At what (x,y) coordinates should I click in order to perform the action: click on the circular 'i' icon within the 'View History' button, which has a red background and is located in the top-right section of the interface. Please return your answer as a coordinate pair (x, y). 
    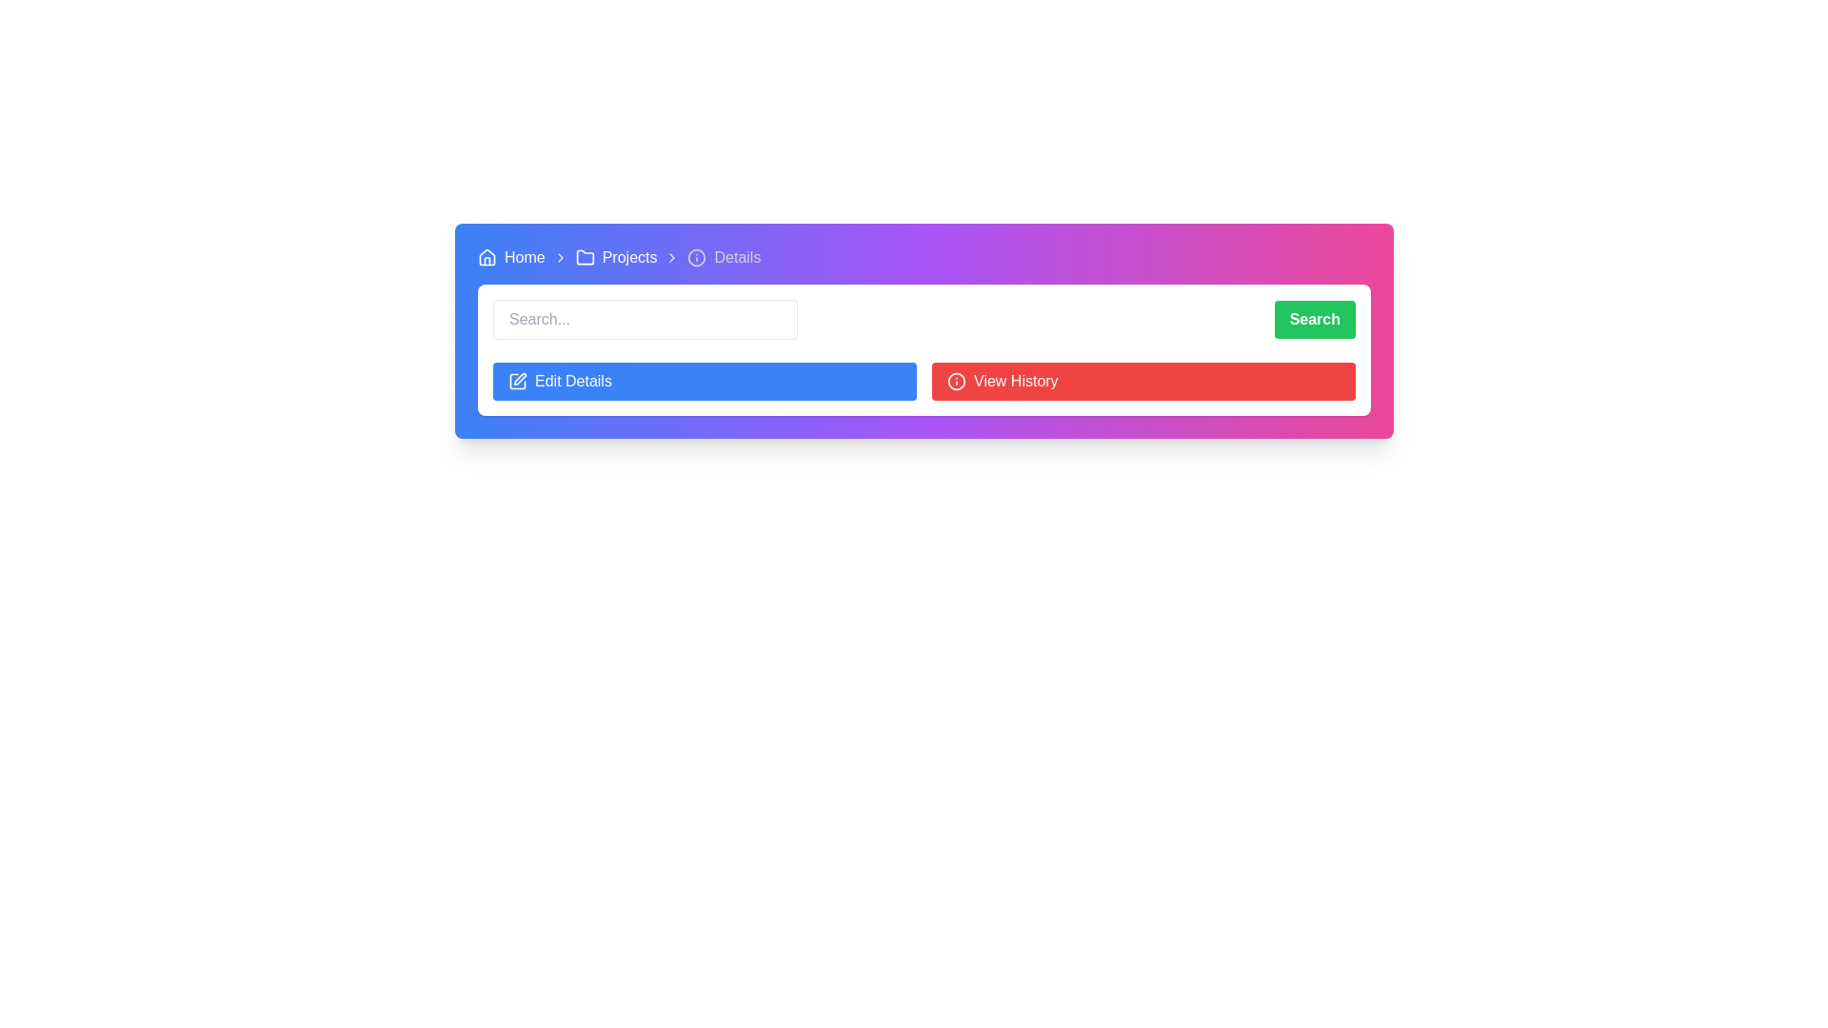
    Looking at the image, I should click on (956, 382).